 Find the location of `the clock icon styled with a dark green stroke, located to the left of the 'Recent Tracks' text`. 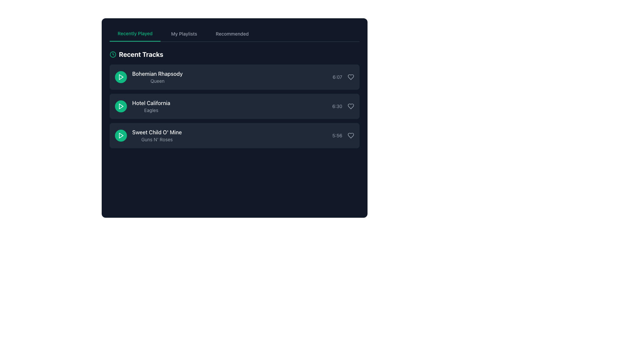

the clock icon styled with a dark green stroke, located to the left of the 'Recent Tracks' text is located at coordinates (113, 54).